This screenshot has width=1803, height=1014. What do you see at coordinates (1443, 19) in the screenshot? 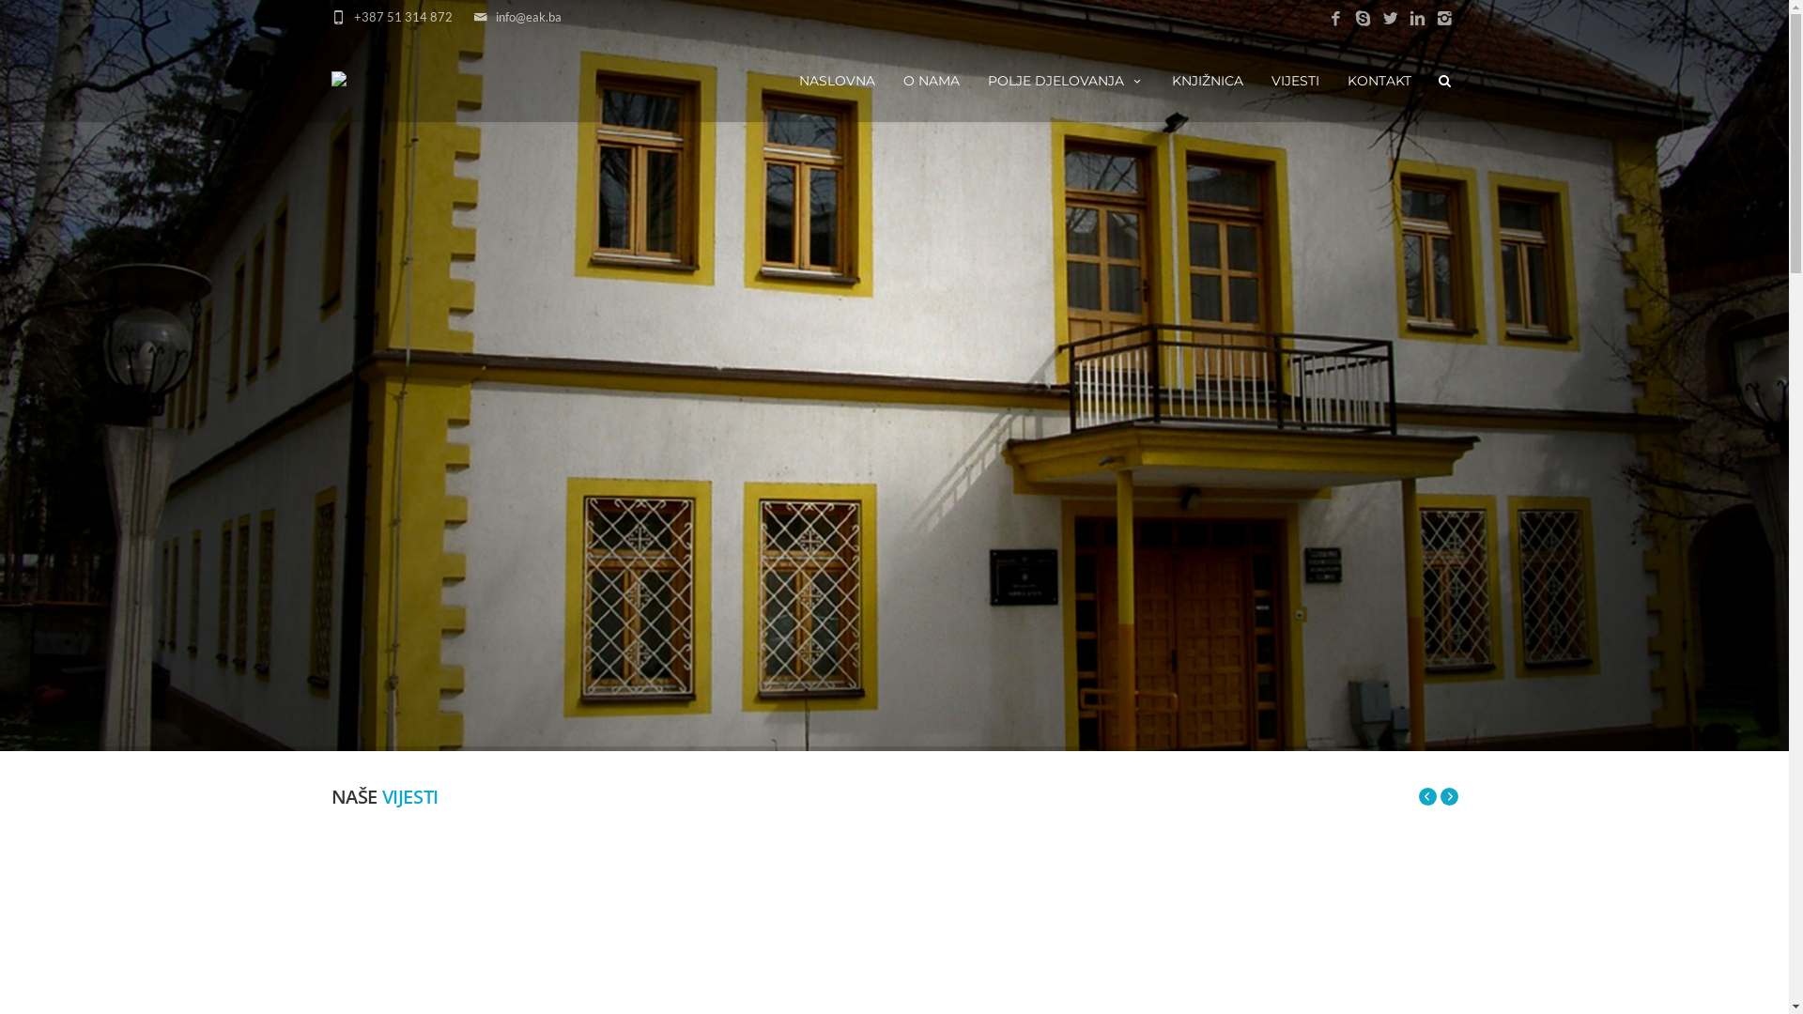
I see `'Instagram'` at bounding box center [1443, 19].